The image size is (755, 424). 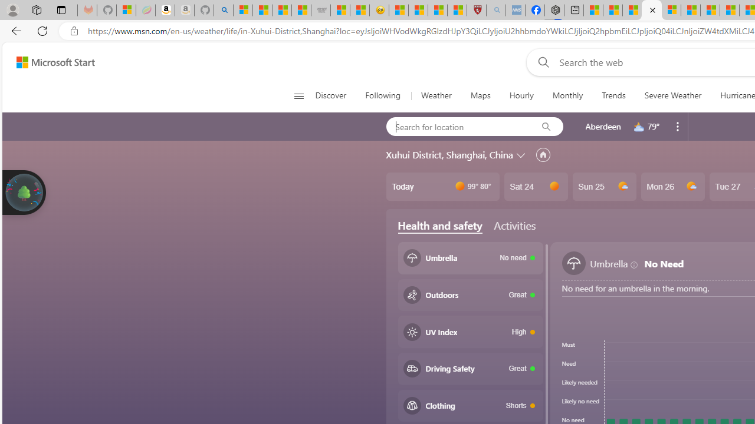 I want to click on 'Remove location', so click(x=678, y=126).